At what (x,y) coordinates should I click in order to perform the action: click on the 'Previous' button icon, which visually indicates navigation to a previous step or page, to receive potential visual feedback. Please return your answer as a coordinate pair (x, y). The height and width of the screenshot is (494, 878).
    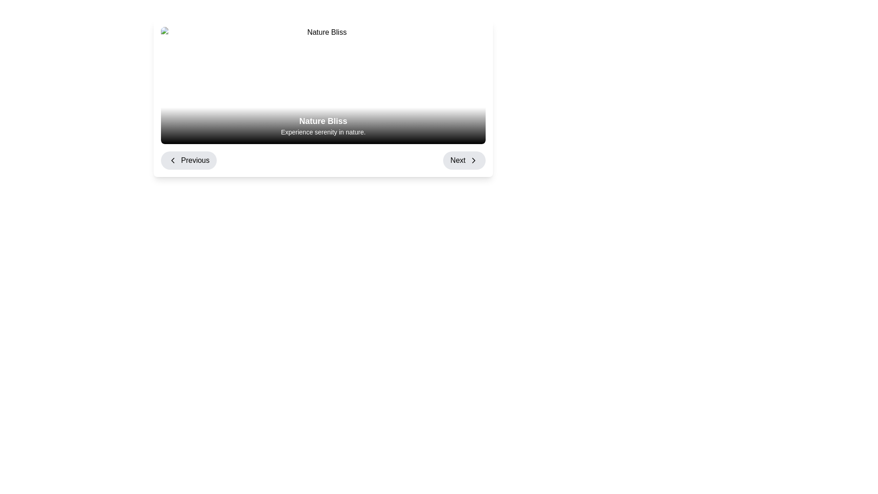
    Looking at the image, I should click on (173, 160).